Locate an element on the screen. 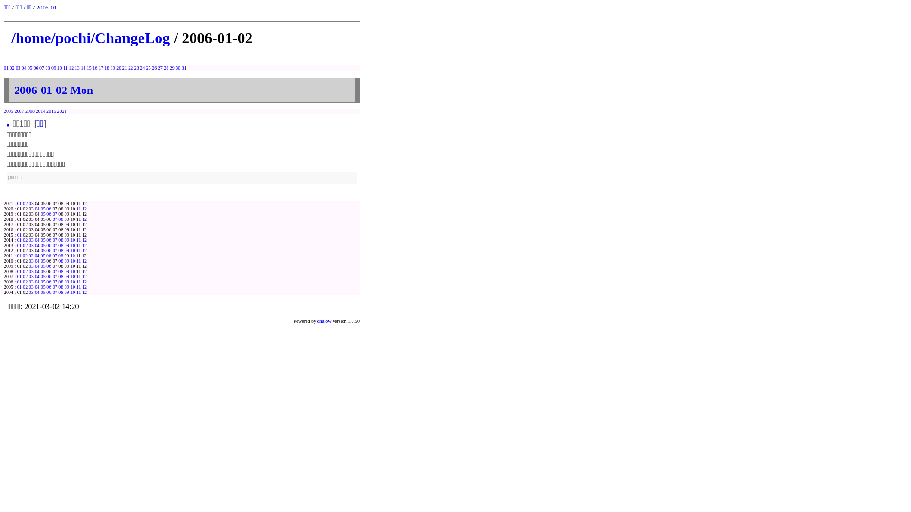 This screenshot has height=512, width=911. '07' is located at coordinates (54, 219).